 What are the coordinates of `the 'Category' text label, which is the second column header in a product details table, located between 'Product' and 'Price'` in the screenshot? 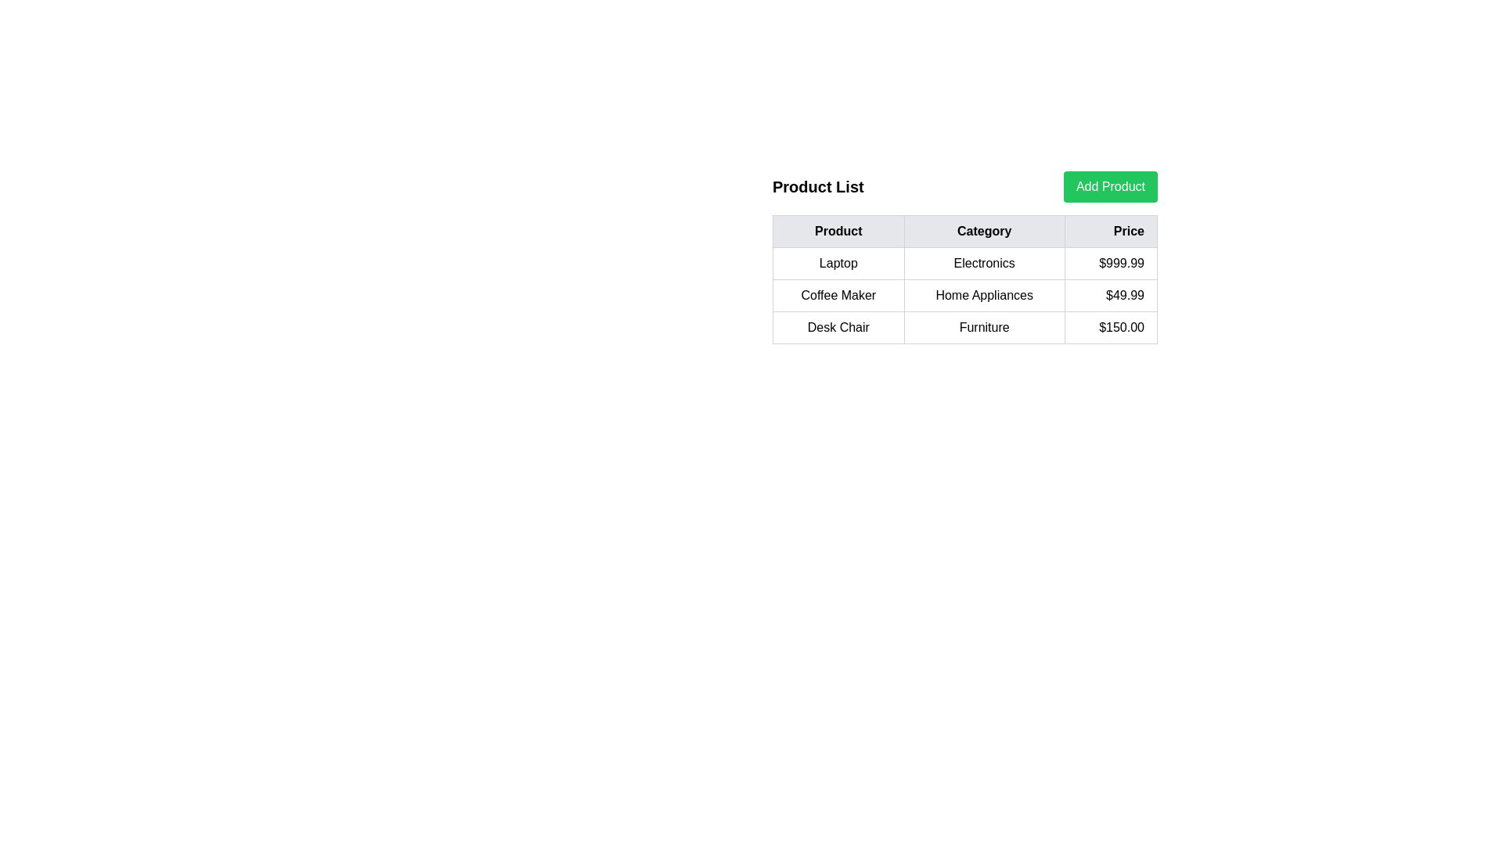 It's located at (983, 232).